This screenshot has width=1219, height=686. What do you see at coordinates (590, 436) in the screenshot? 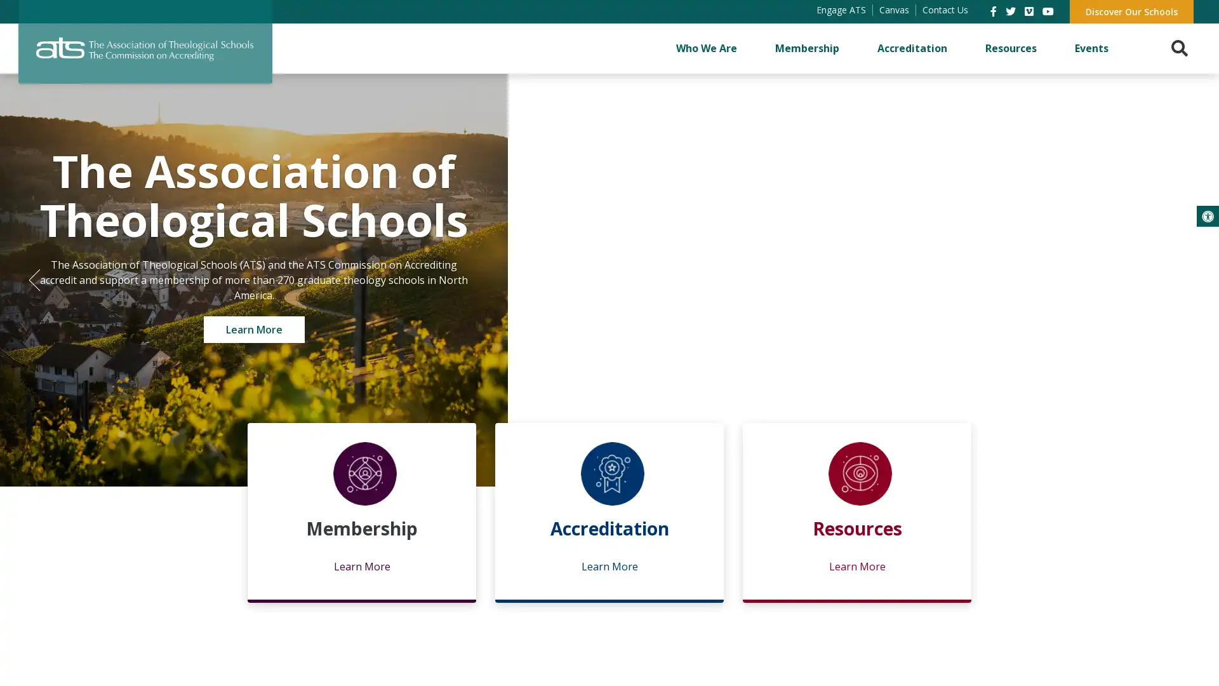
I see `1` at bounding box center [590, 436].